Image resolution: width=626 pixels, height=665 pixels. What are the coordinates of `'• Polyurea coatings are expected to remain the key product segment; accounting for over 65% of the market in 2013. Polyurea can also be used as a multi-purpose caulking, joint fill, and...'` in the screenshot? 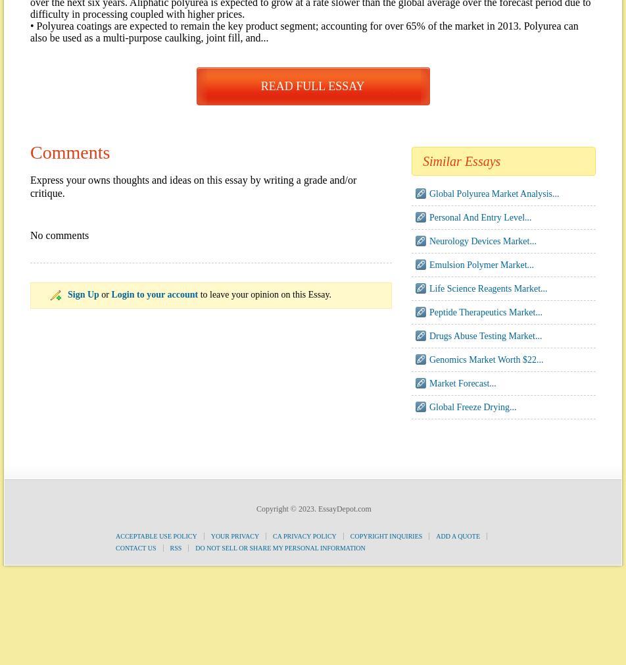 It's located at (30, 31).